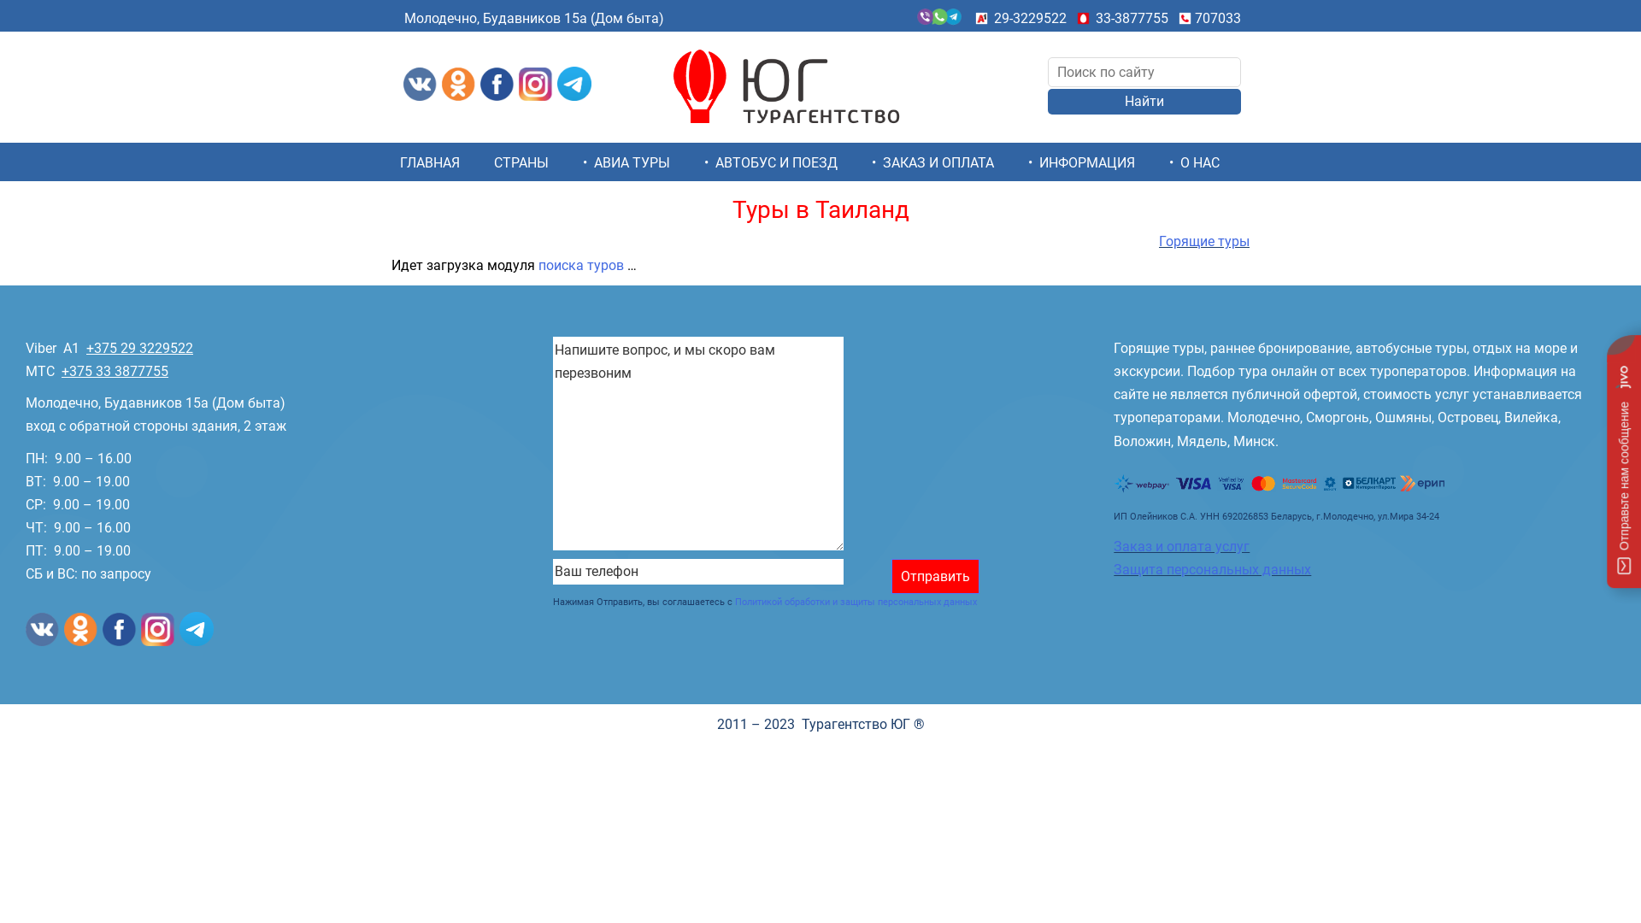 This screenshot has width=1641, height=923. What do you see at coordinates (1217, 18) in the screenshot?
I see `'707033'` at bounding box center [1217, 18].